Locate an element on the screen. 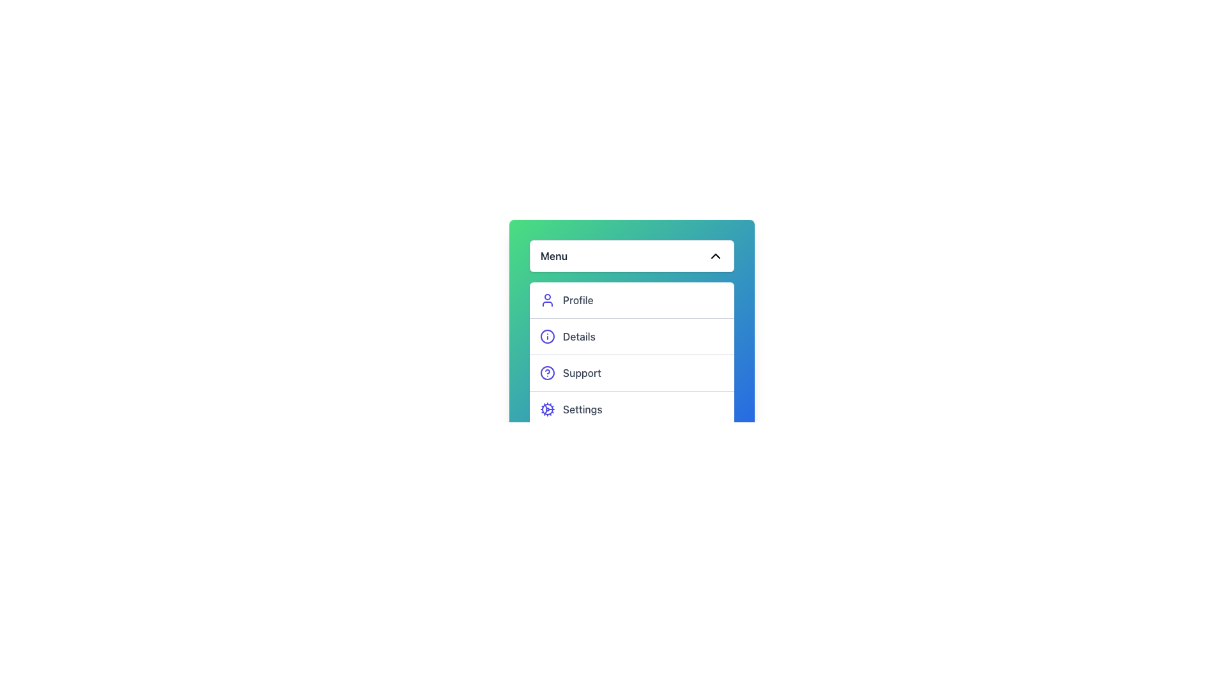 Image resolution: width=1227 pixels, height=690 pixels. the first menu item in the vertical list that represents the Profile section is located at coordinates (631, 300).